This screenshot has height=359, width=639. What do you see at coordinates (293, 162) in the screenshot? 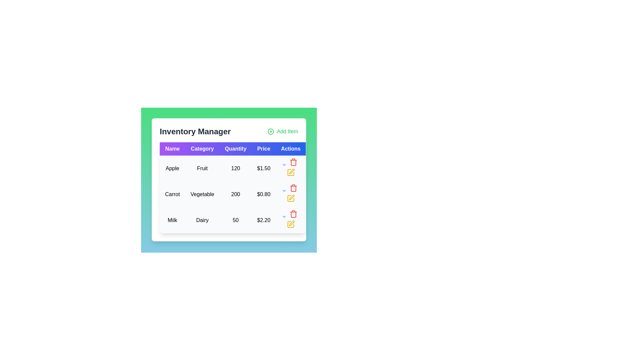
I see `the delete button located in the 'Actions' column of the third row for the item 'Milk, Dairy, 50, $2.20'` at bounding box center [293, 162].